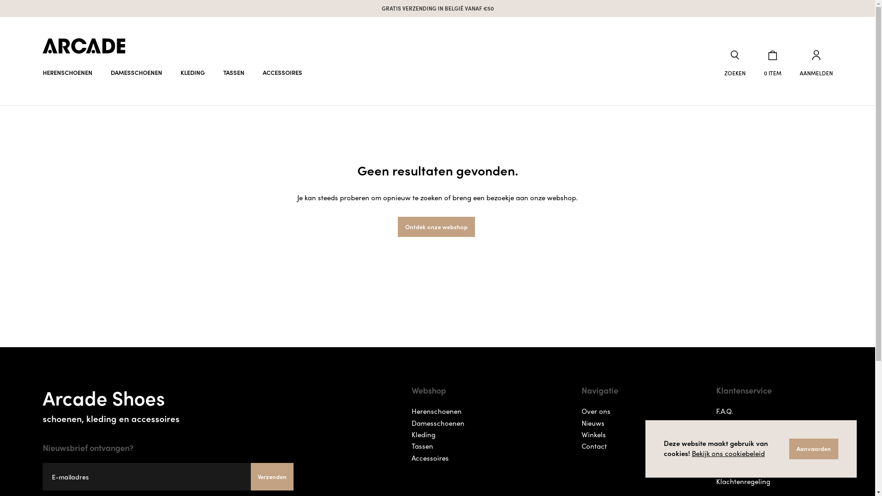  Describe the element at coordinates (437, 423) in the screenshot. I see `'Damesschoenen'` at that location.